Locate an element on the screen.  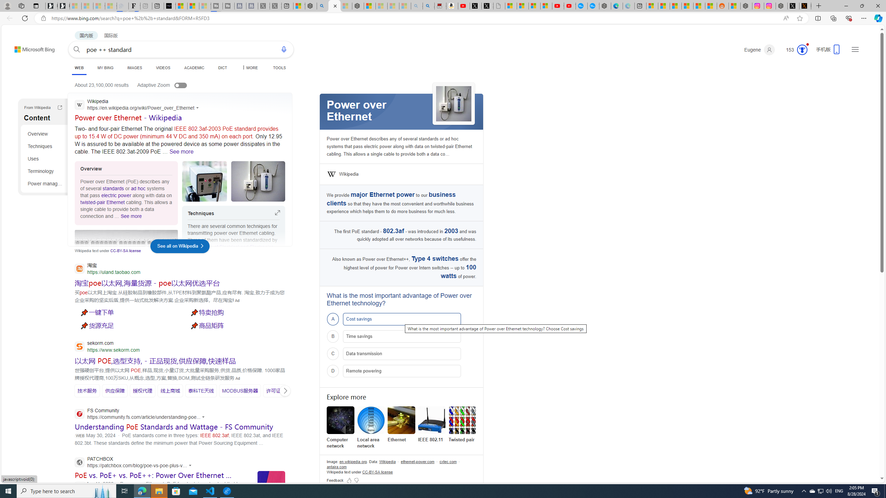
'twisted-pair Ethernet' is located at coordinates (102, 202).